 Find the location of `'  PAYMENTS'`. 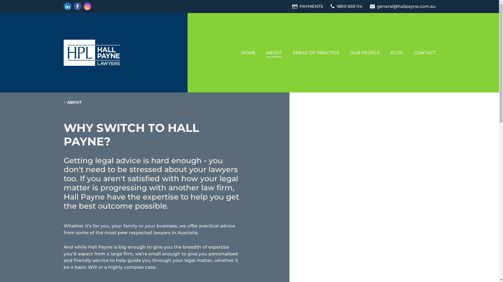

'  PAYMENTS' is located at coordinates (291, 6).